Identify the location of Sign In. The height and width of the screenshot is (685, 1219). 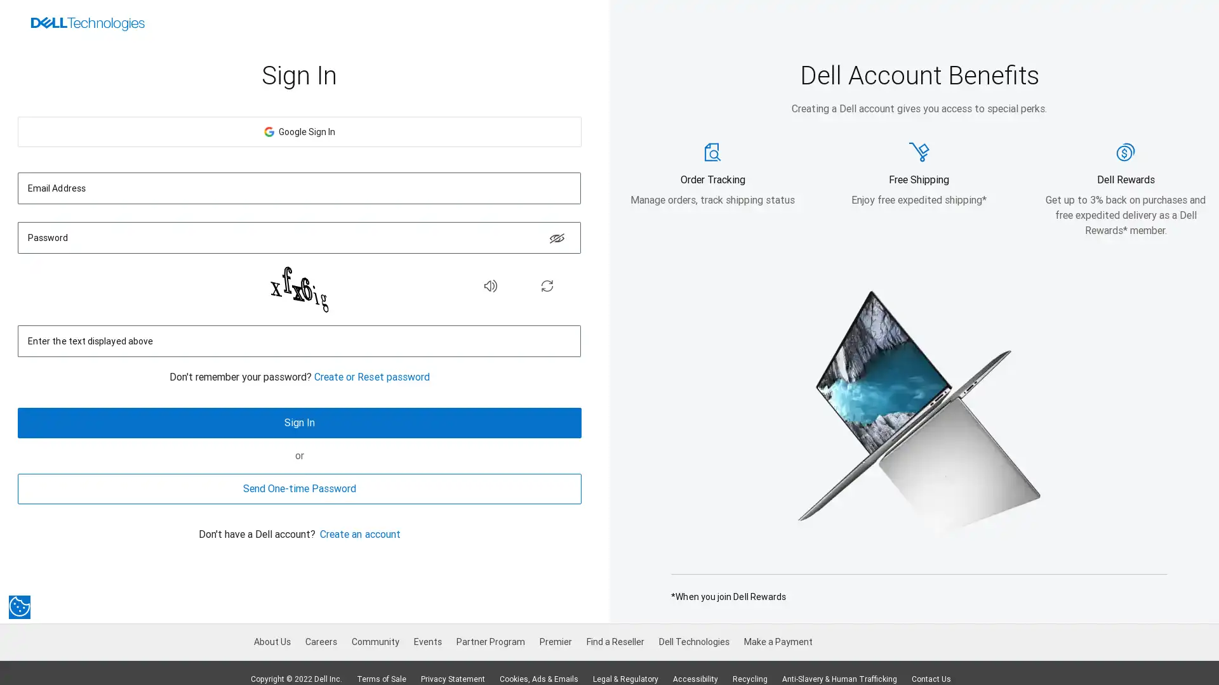
(298, 423).